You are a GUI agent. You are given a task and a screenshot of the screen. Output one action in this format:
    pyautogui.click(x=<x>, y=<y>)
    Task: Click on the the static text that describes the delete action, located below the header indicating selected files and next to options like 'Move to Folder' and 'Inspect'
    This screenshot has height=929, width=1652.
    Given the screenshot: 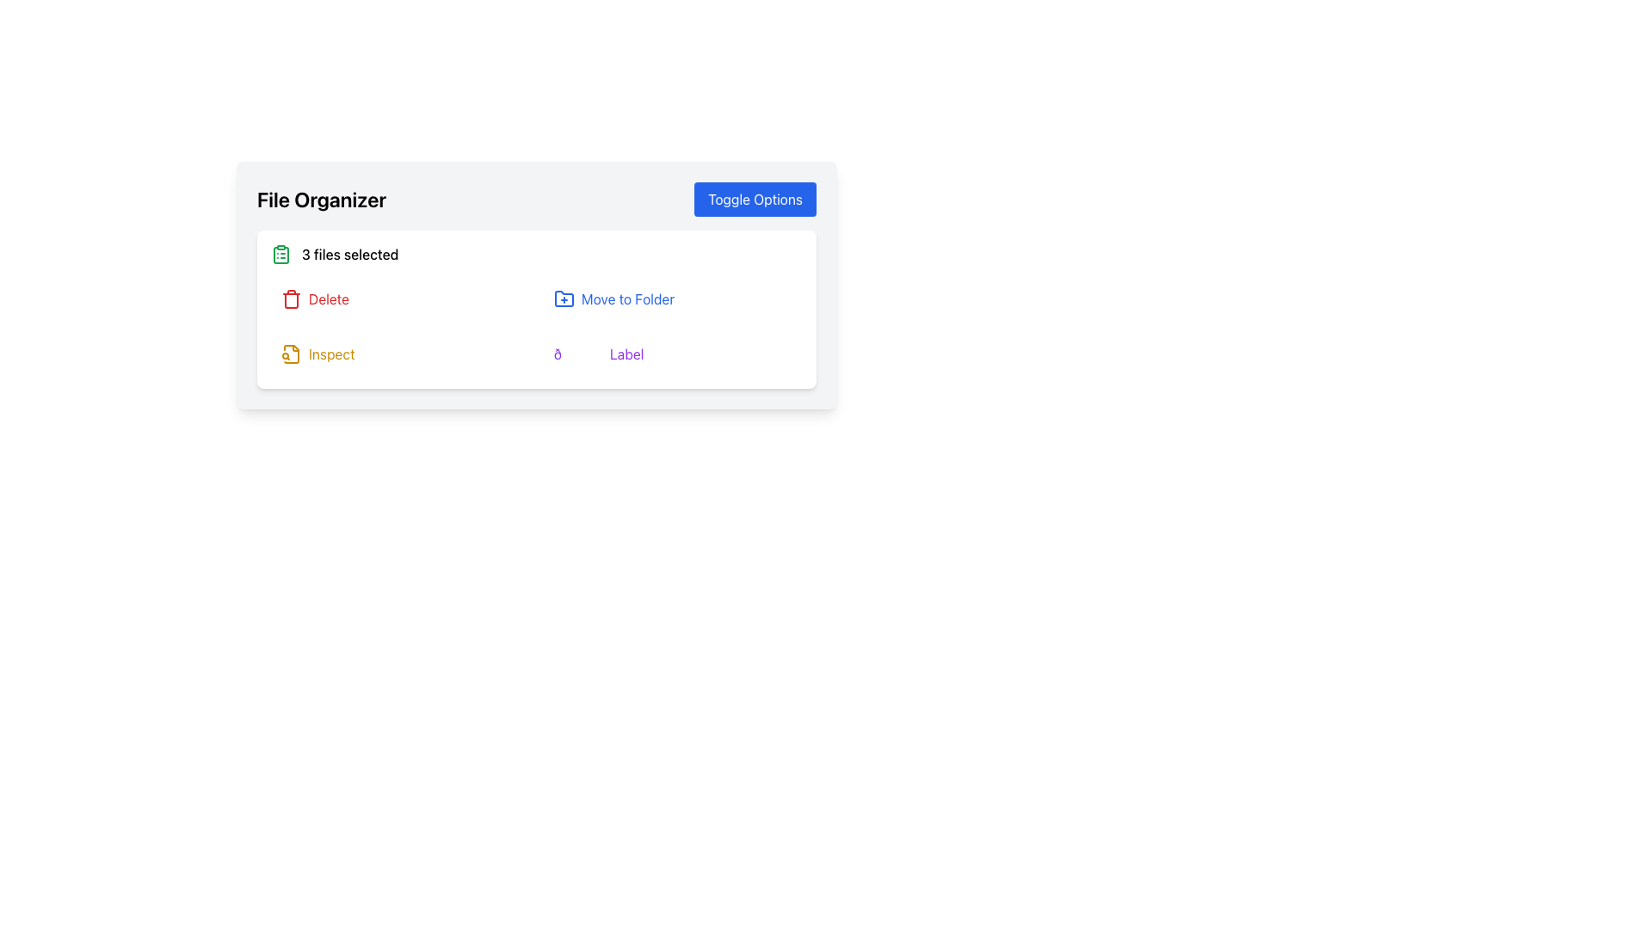 What is the action you would take?
    pyautogui.click(x=329, y=298)
    